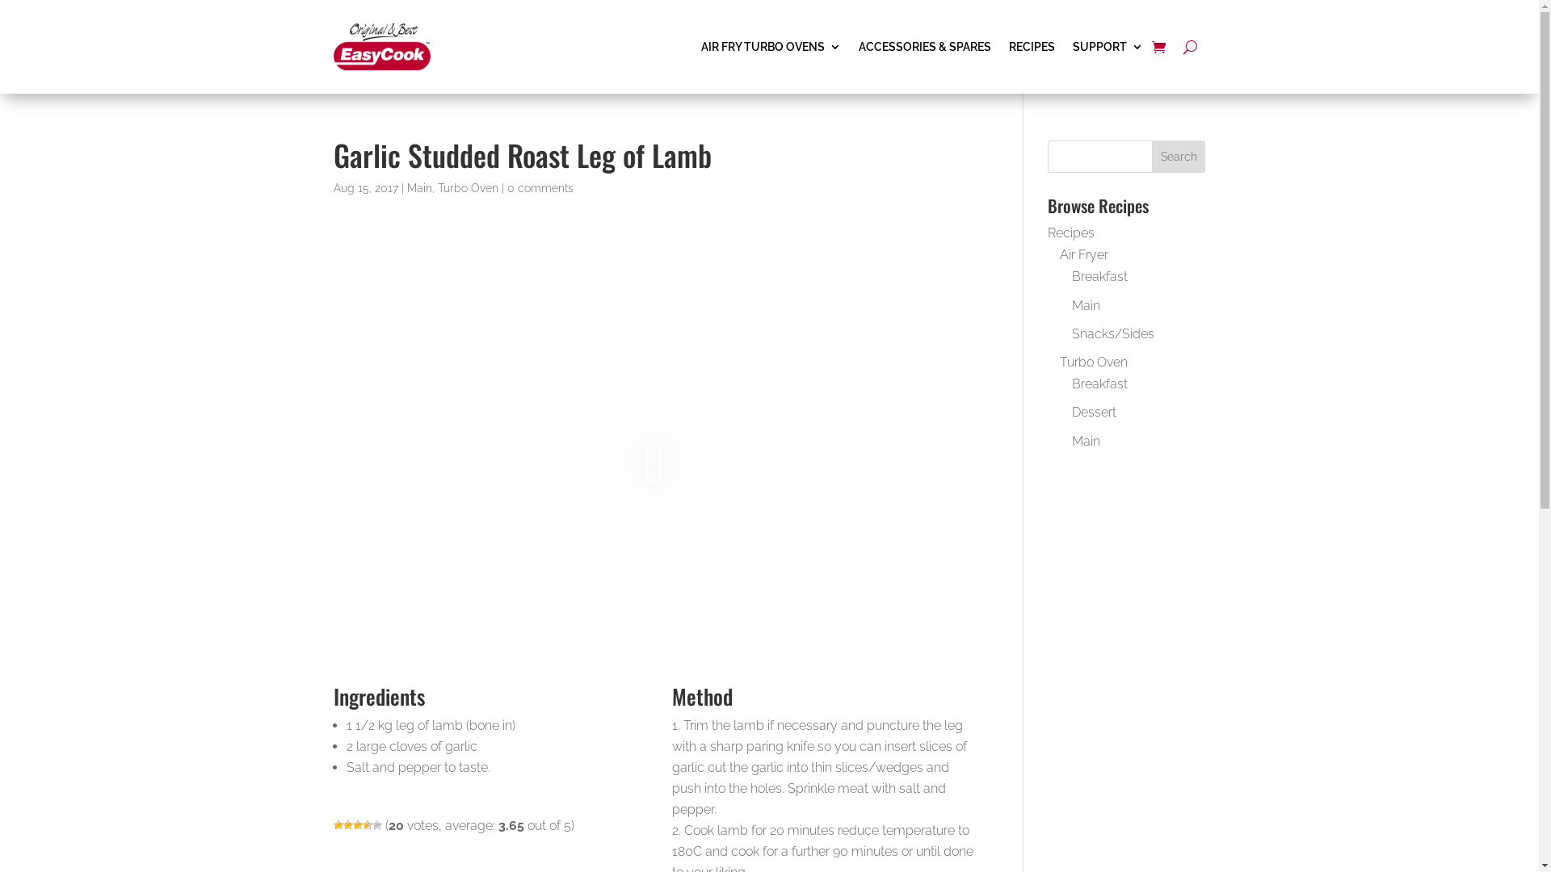 Image resolution: width=1551 pixels, height=872 pixels. Describe the element at coordinates (1099, 275) in the screenshot. I see `'Breakfast'` at that location.